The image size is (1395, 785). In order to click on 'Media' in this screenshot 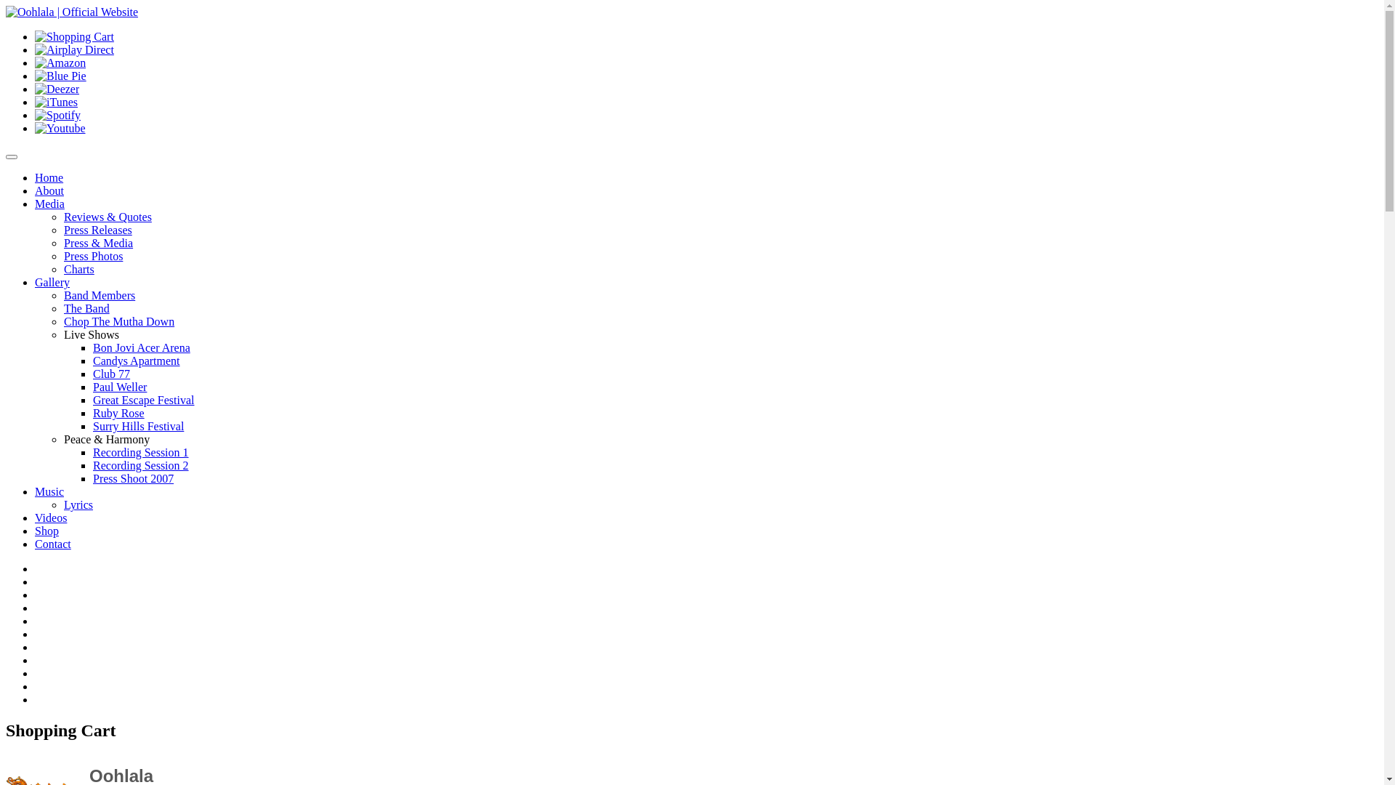, I will do `click(49, 204)`.